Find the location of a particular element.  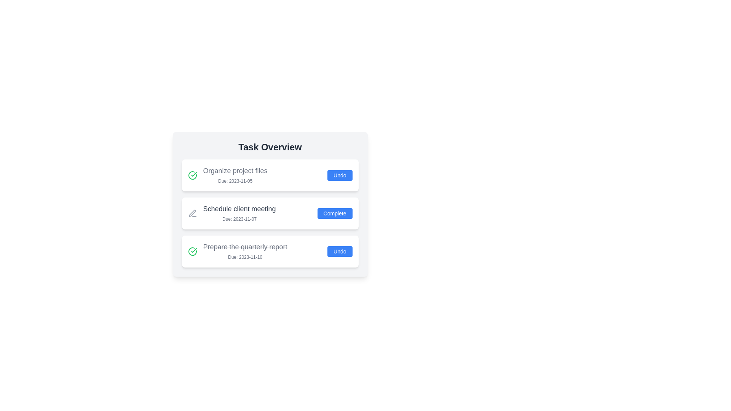

the button labeled Complete for the task Schedule client meeting is located at coordinates (335, 213).